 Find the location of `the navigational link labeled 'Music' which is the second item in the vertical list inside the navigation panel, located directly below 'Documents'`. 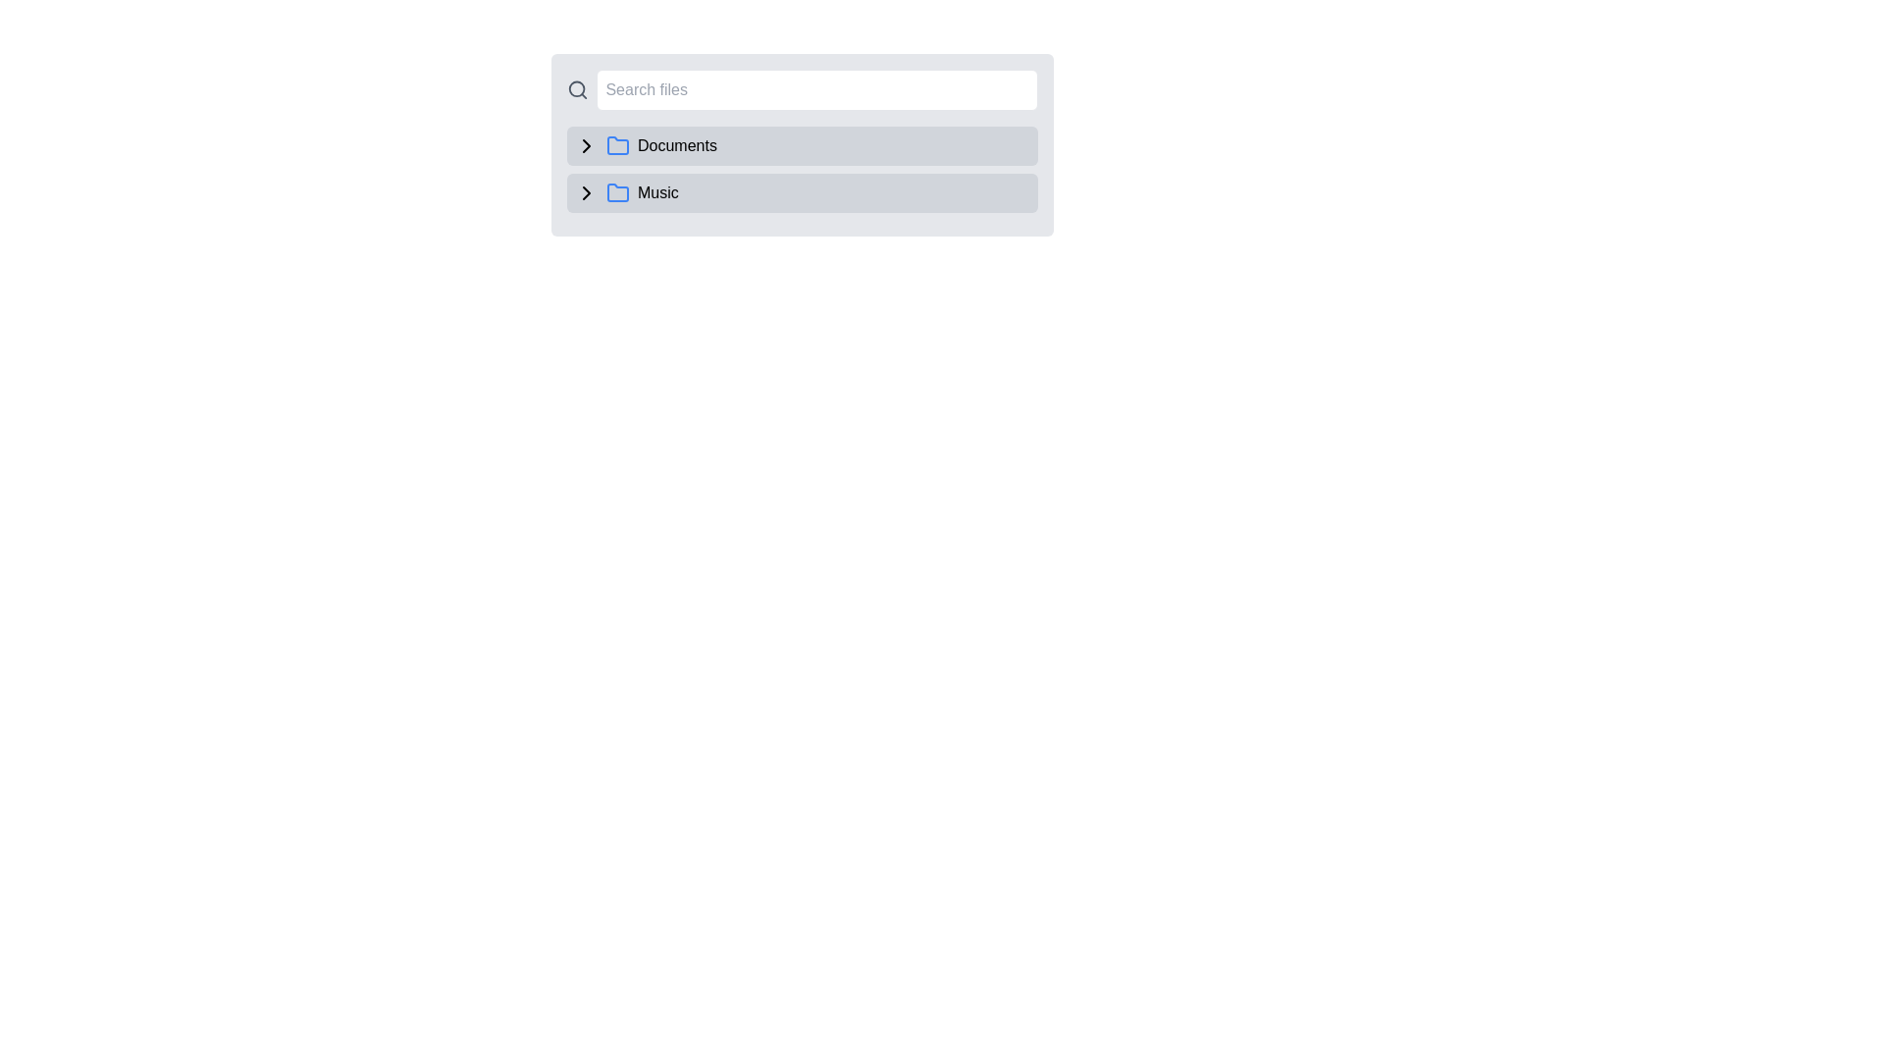

the navigational link labeled 'Music' which is the second item in the vertical list inside the navigation panel, located directly below 'Documents' is located at coordinates (802, 192).